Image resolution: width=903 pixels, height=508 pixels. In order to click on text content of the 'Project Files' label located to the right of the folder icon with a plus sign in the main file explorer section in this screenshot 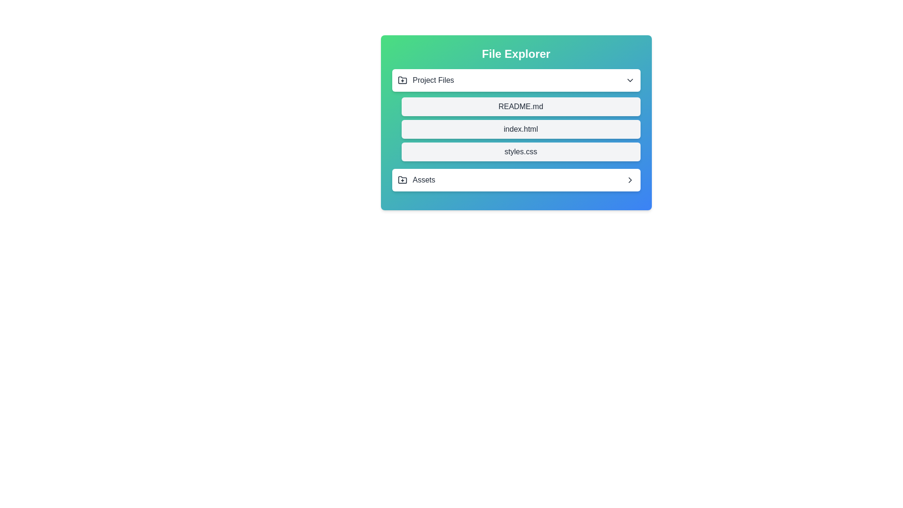, I will do `click(433, 79)`.